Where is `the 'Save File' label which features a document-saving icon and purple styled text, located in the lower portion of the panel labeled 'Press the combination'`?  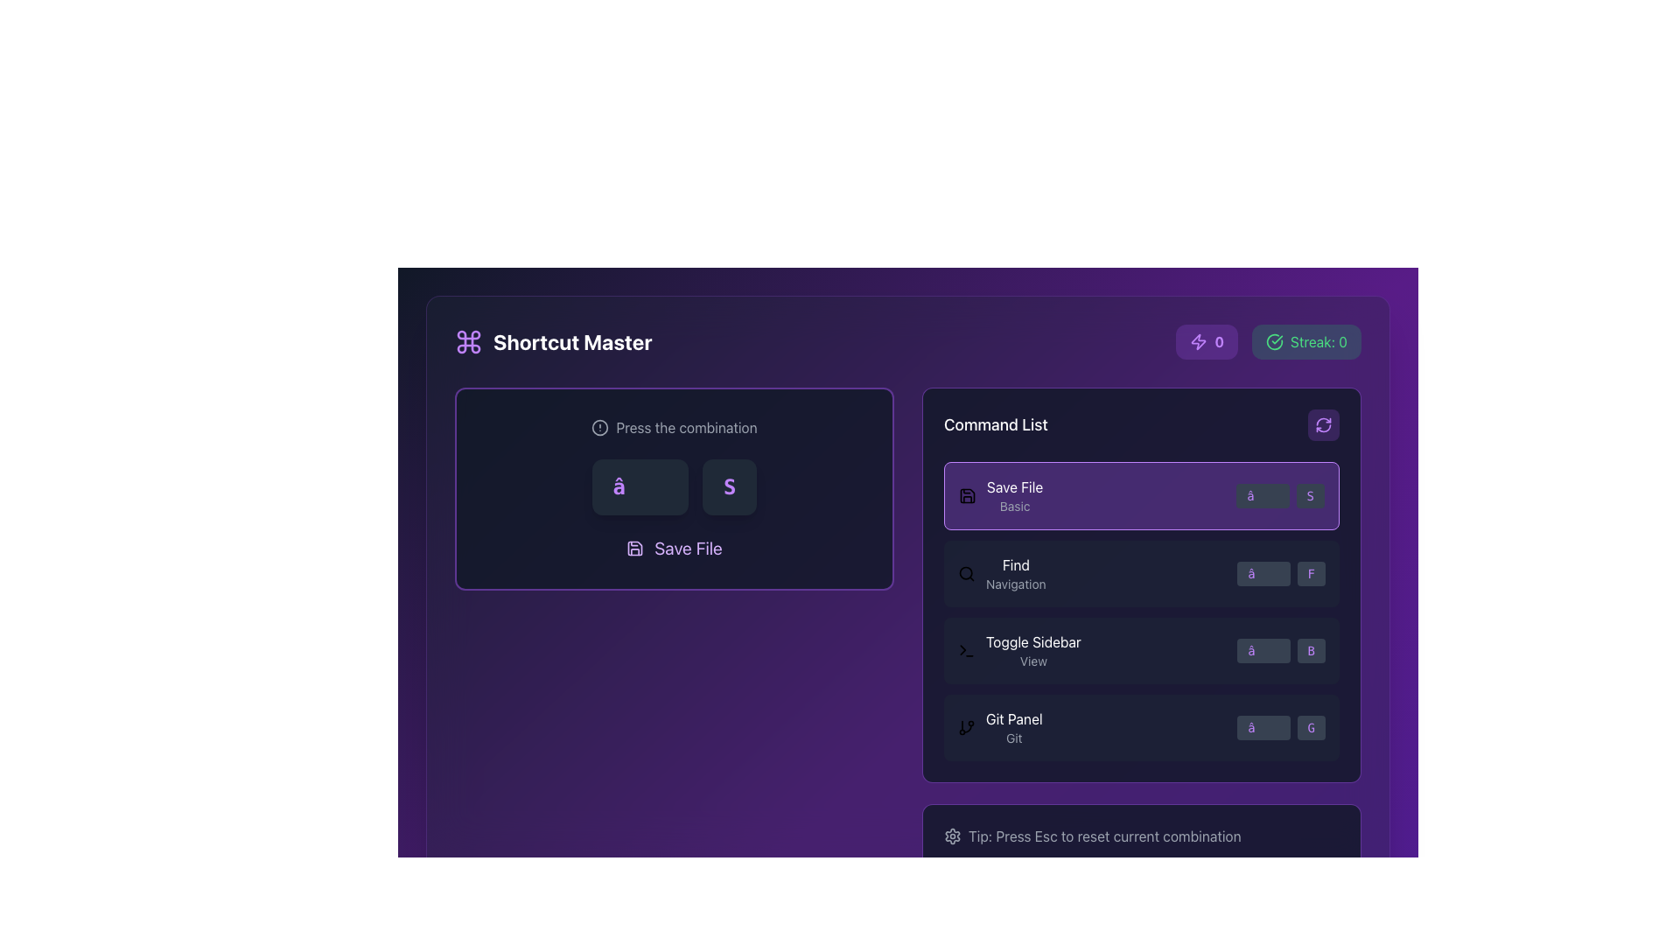 the 'Save File' label which features a document-saving icon and purple styled text, located in the lower portion of the panel labeled 'Press the combination' is located at coordinates (674, 548).